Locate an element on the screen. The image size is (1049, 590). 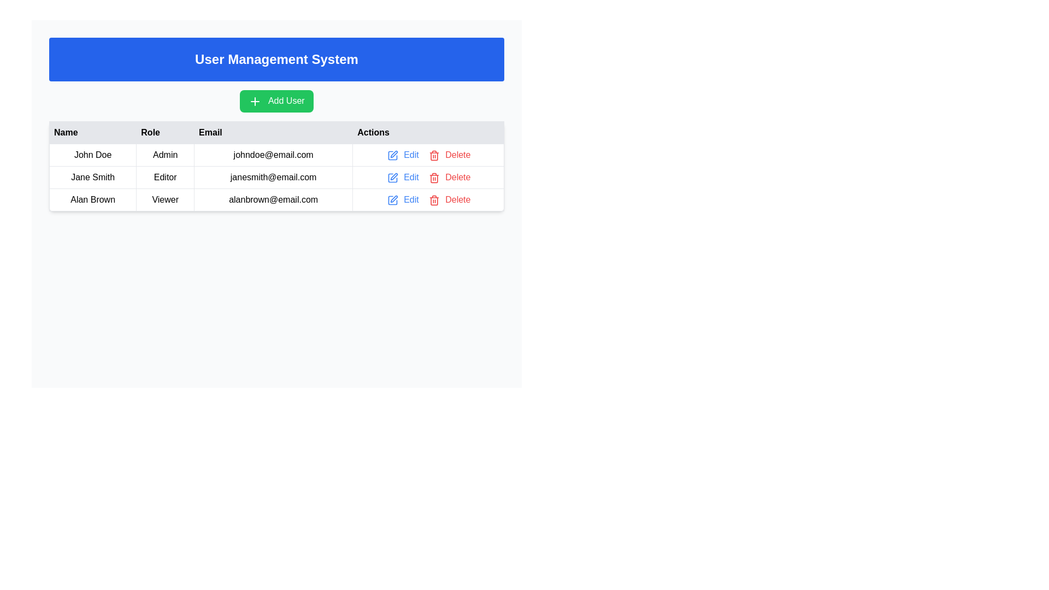
the 'Edit' button with a pencil icon located in the 'Actions' column of the second row in the user management table is located at coordinates (402, 176).